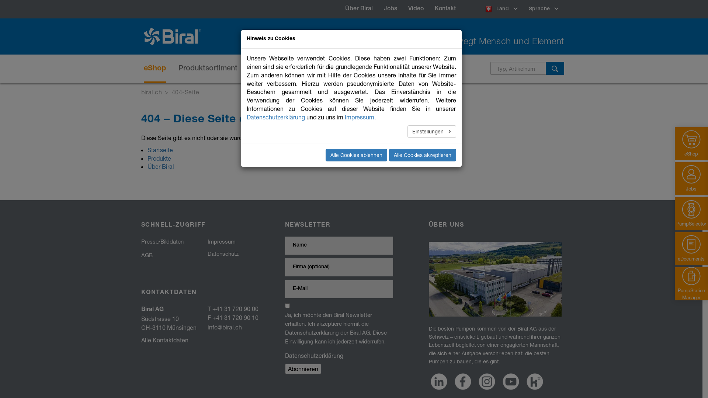  Describe the element at coordinates (232, 308) in the screenshot. I see `'T +41 31 720 90 00'` at that location.